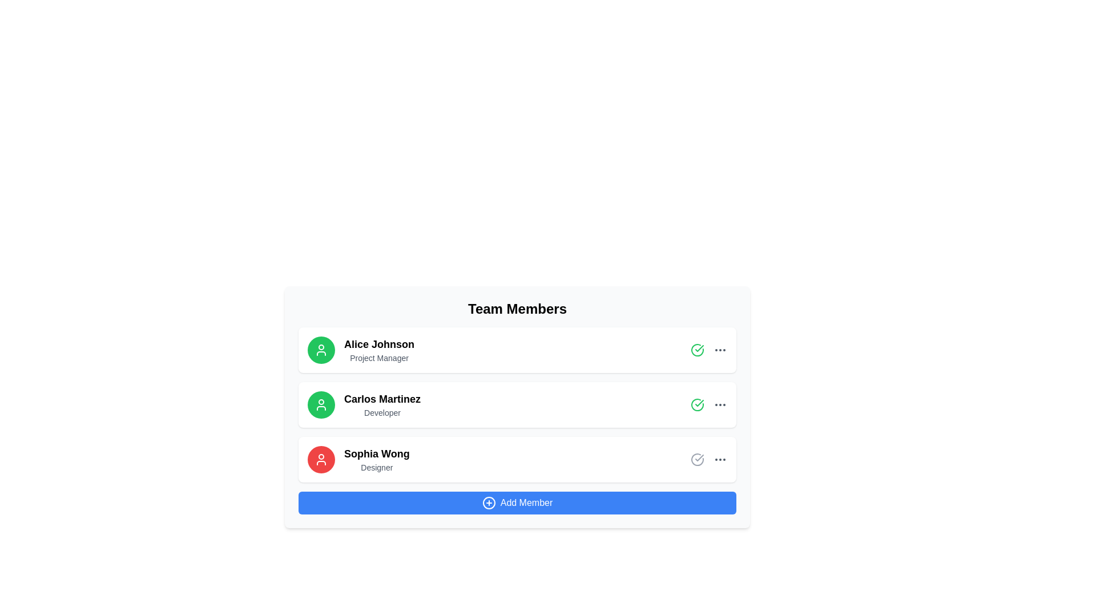 Image resolution: width=1096 pixels, height=616 pixels. I want to click on the status icon next to the text 'Carlos Martinez', so click(697, 404).